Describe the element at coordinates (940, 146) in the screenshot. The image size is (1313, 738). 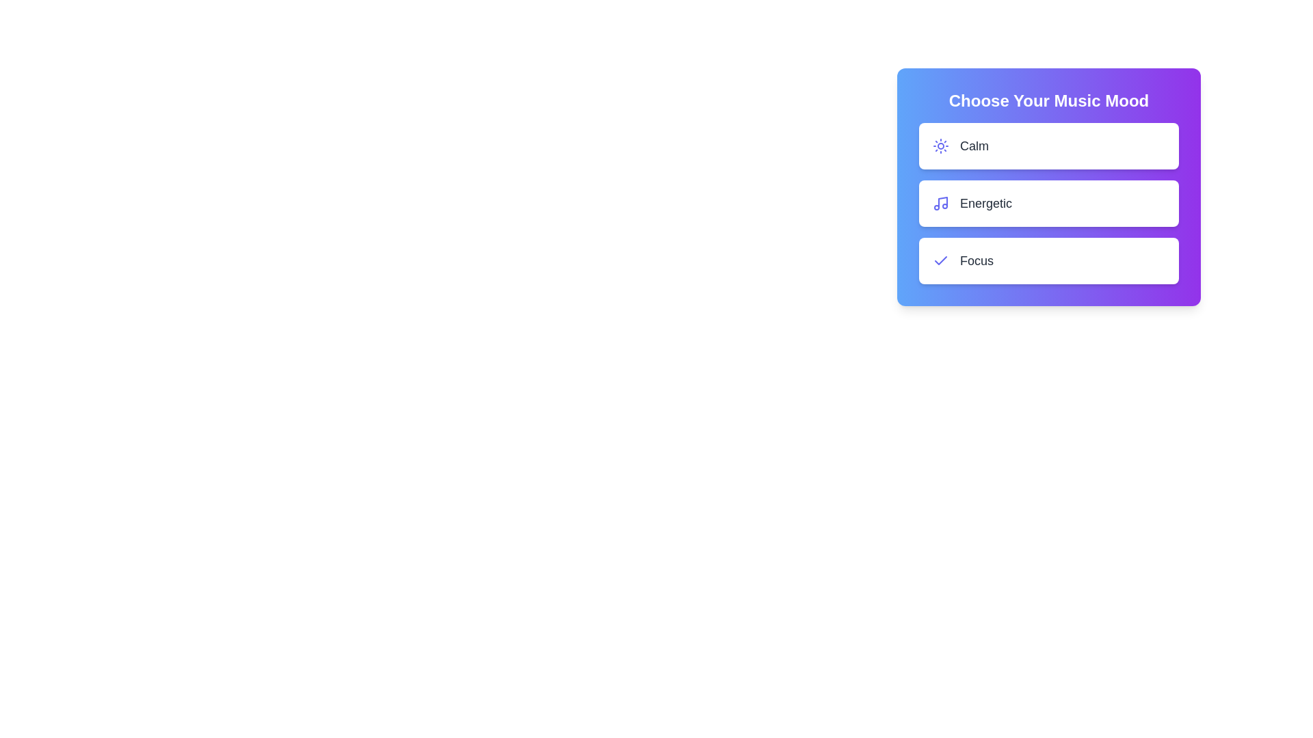
I see `the sun icon button located to the left of the text 'Calm', which serves as a visual representation for the mood option` at that location.